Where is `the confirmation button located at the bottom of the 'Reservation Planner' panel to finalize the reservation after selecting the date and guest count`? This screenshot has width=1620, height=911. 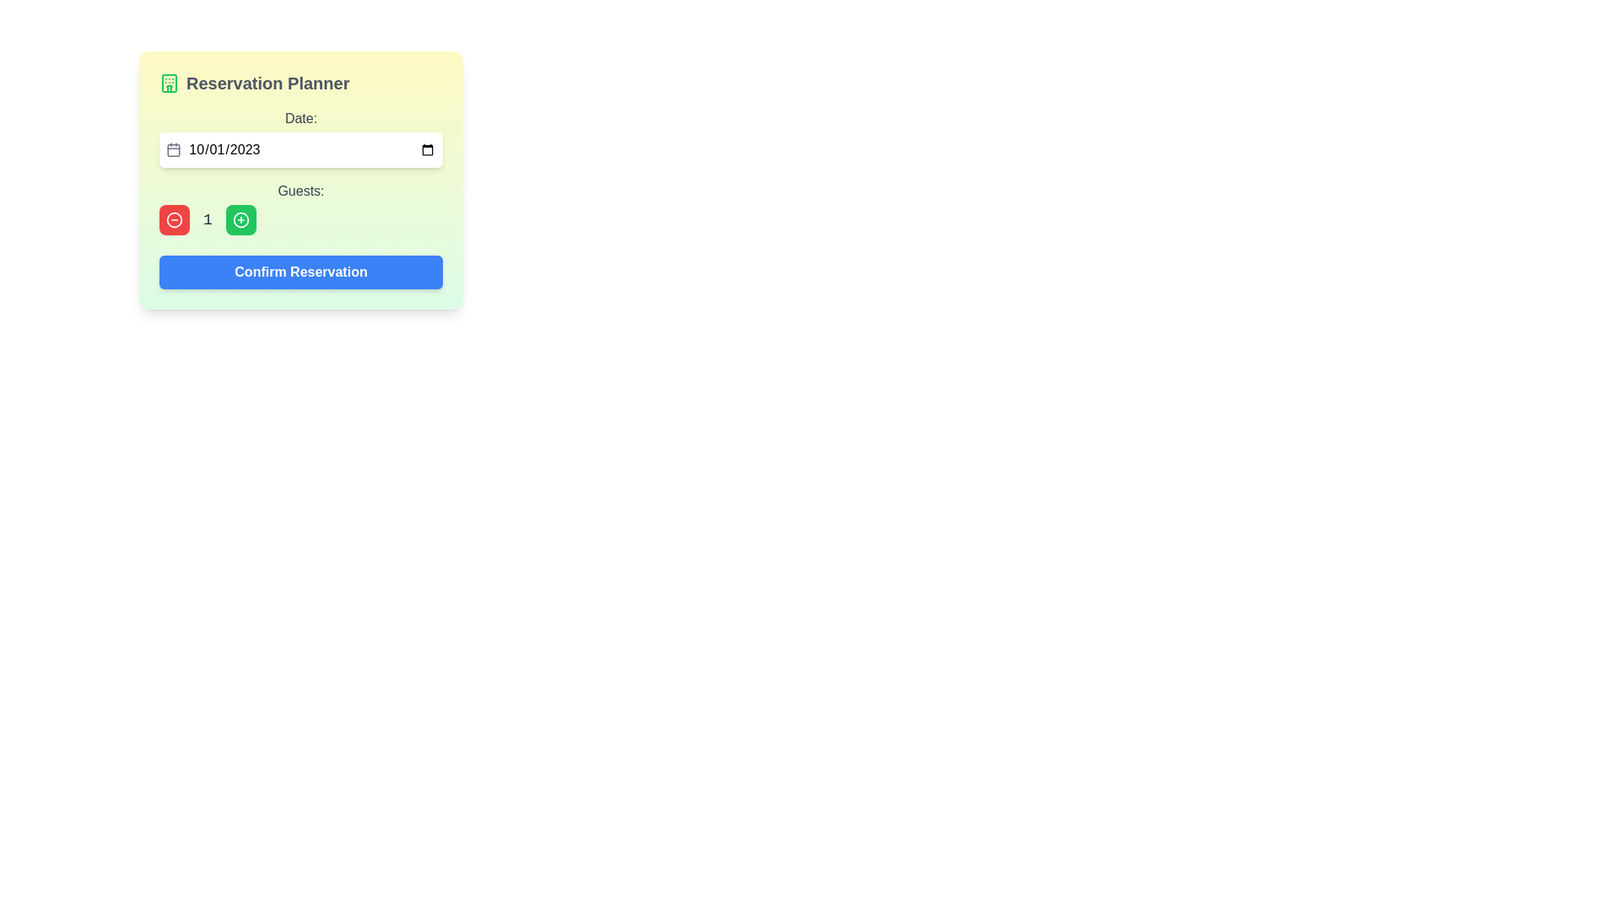
the confirmation button located at the bottom of the 'Reservation Planner' panel to finalize the reservation after selecting the date and guest count is located at coordinates (300, 272).